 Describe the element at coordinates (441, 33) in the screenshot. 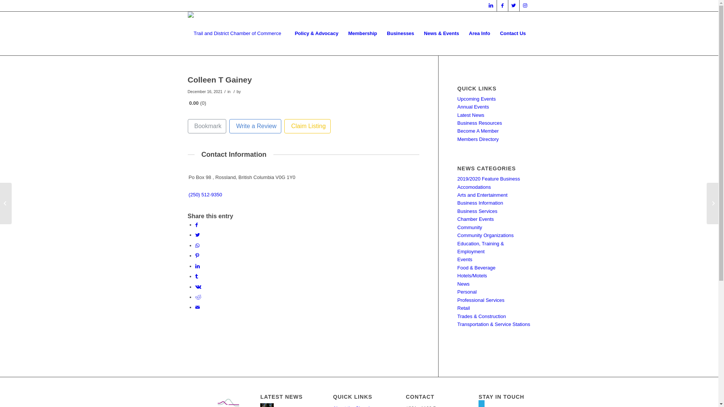

I see `'News & Events'` at that location.